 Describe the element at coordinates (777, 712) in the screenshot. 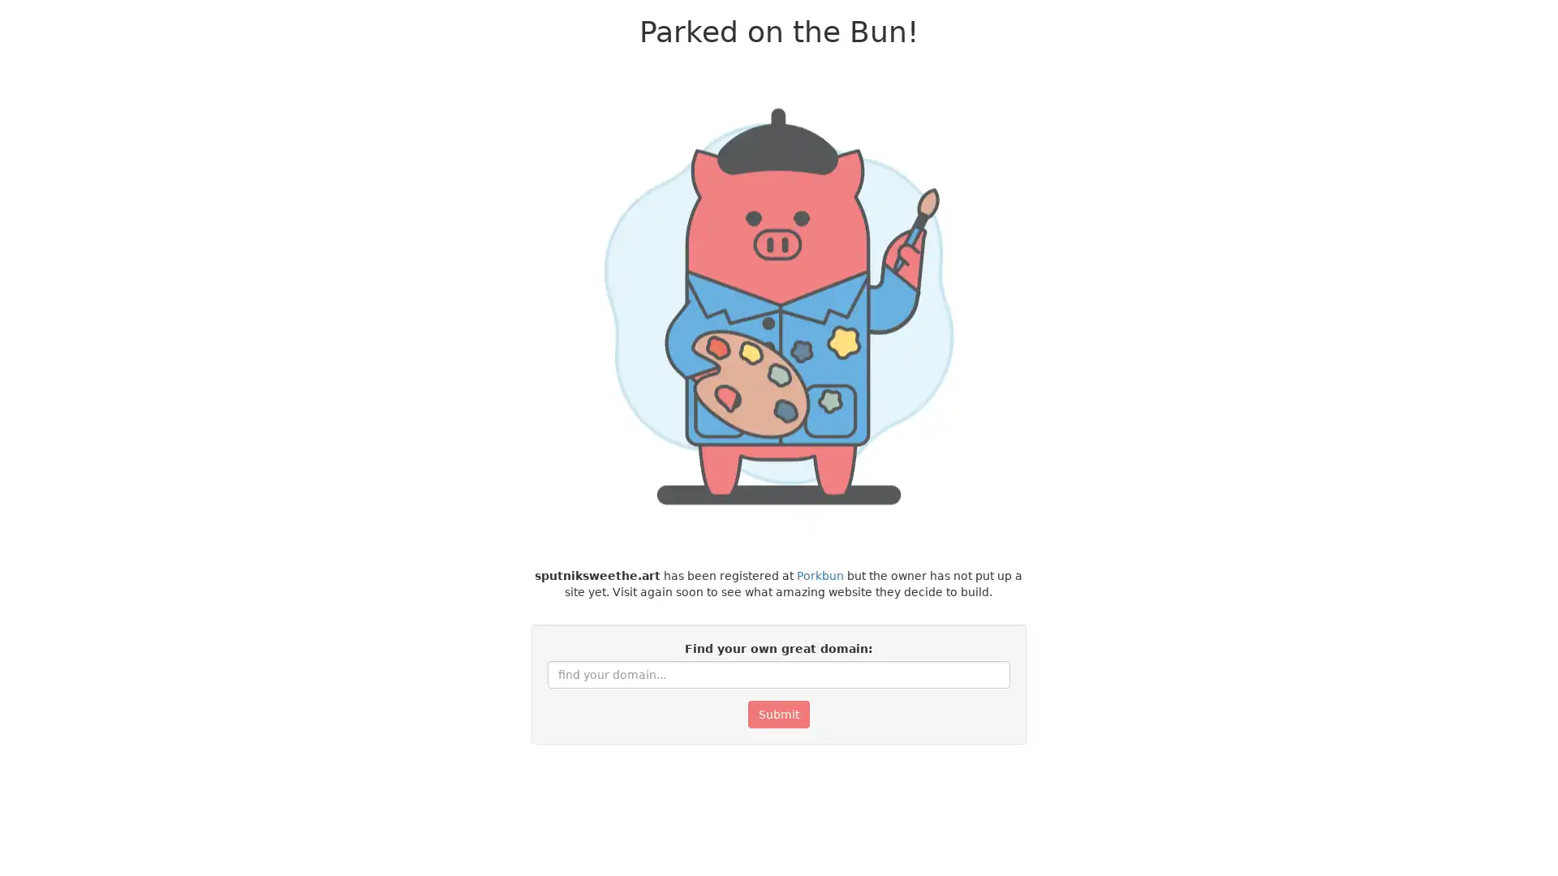

I see `Submit` at that location.